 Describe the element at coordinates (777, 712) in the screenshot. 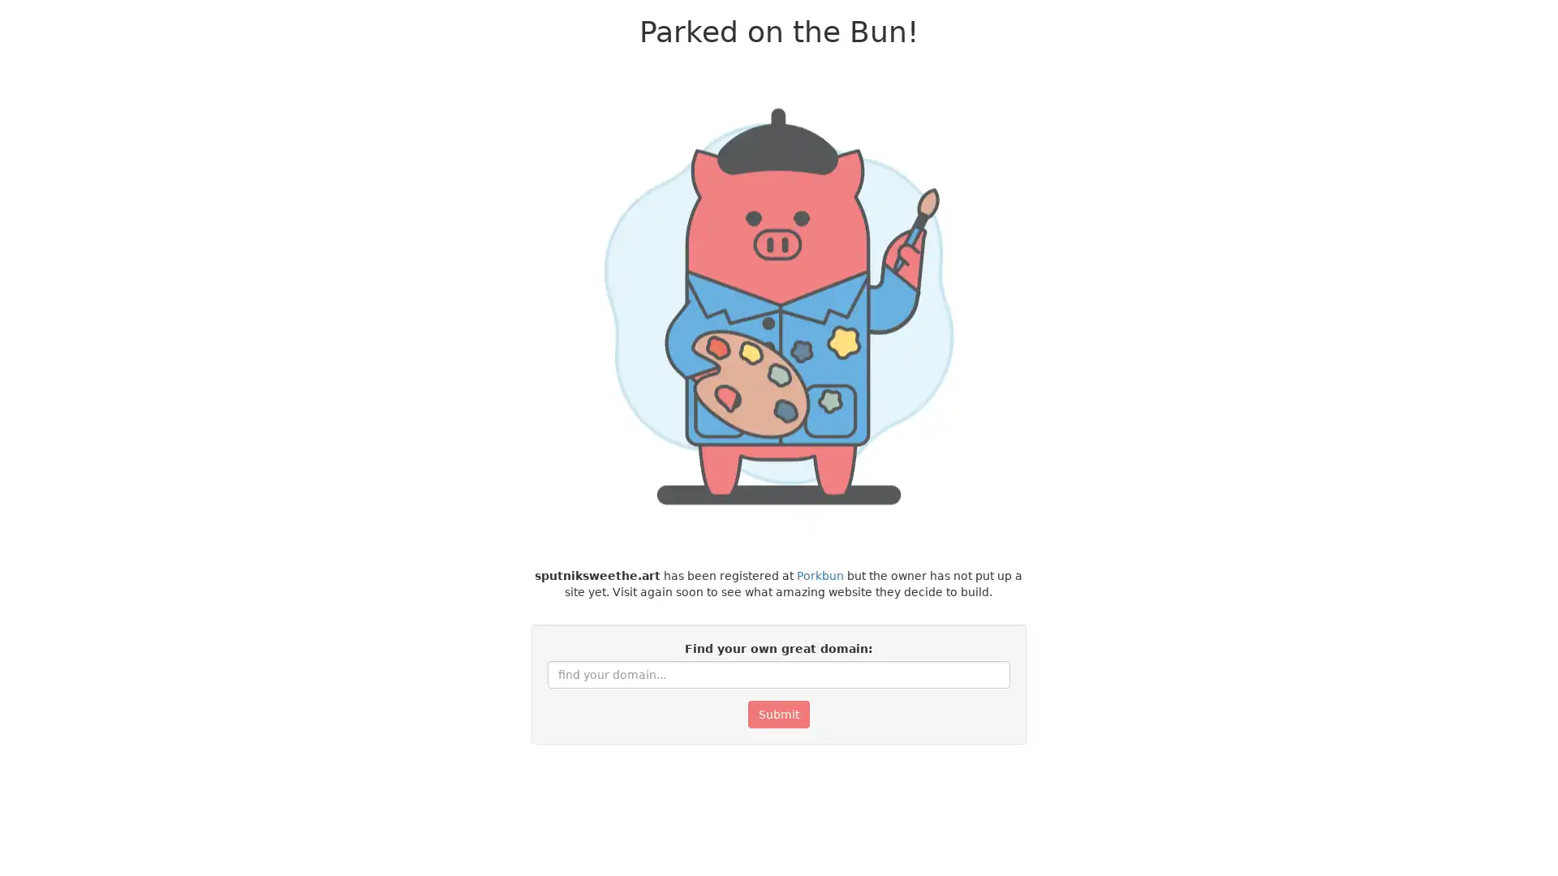

I see `Submit` at that location.